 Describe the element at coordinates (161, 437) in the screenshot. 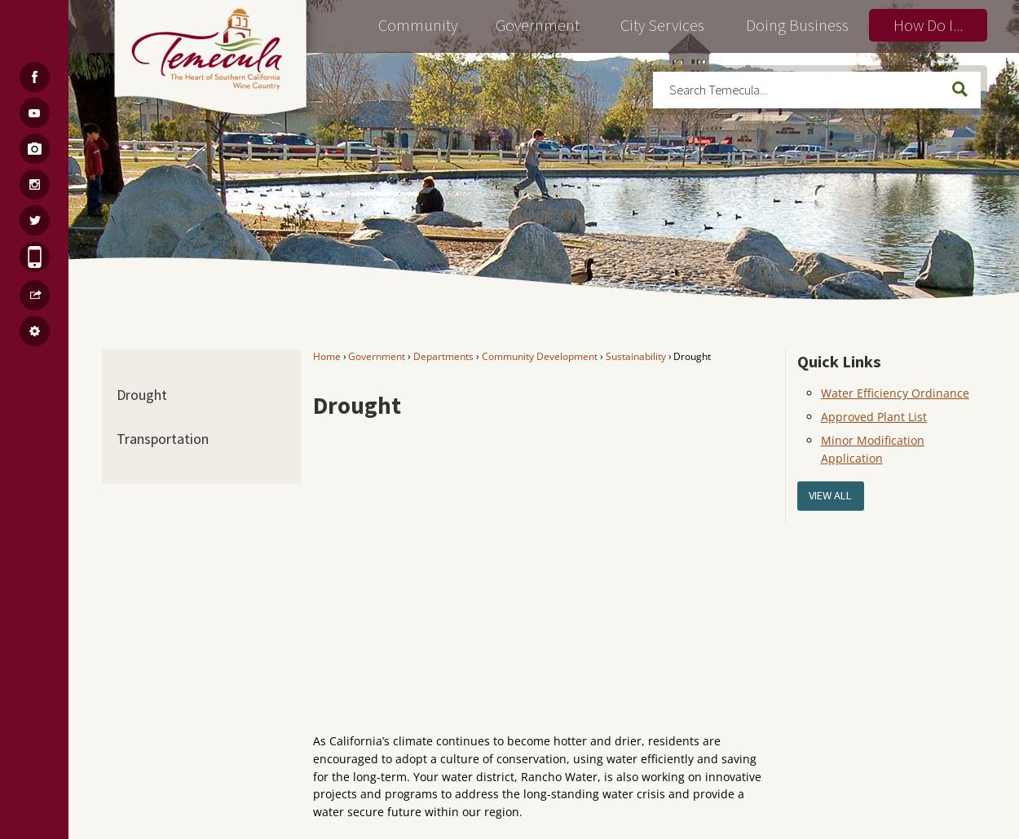

I see `'Transportation'` at that location.